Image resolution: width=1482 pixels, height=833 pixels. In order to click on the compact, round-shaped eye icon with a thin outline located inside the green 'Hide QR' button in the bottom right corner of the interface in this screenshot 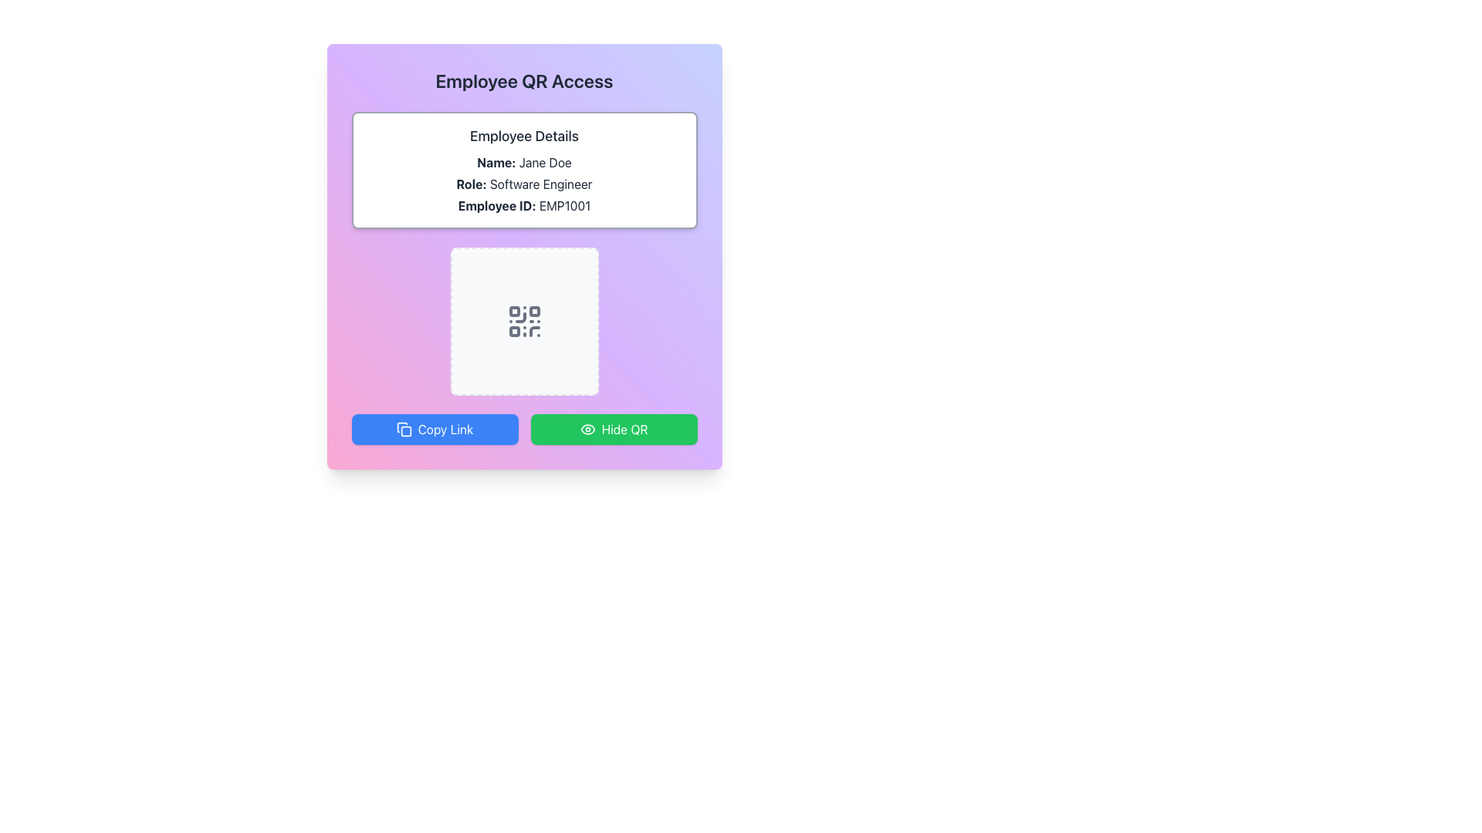, I will do `click(587, 429)`.